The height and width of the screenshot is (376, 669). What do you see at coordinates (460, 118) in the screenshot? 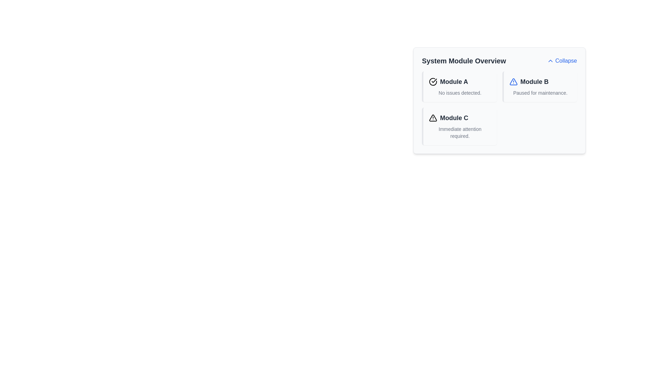
I see `the label displaying 'Module C' which is located at the top of the card panel to the right of the red alert icon` at bounding box center [460, 118].